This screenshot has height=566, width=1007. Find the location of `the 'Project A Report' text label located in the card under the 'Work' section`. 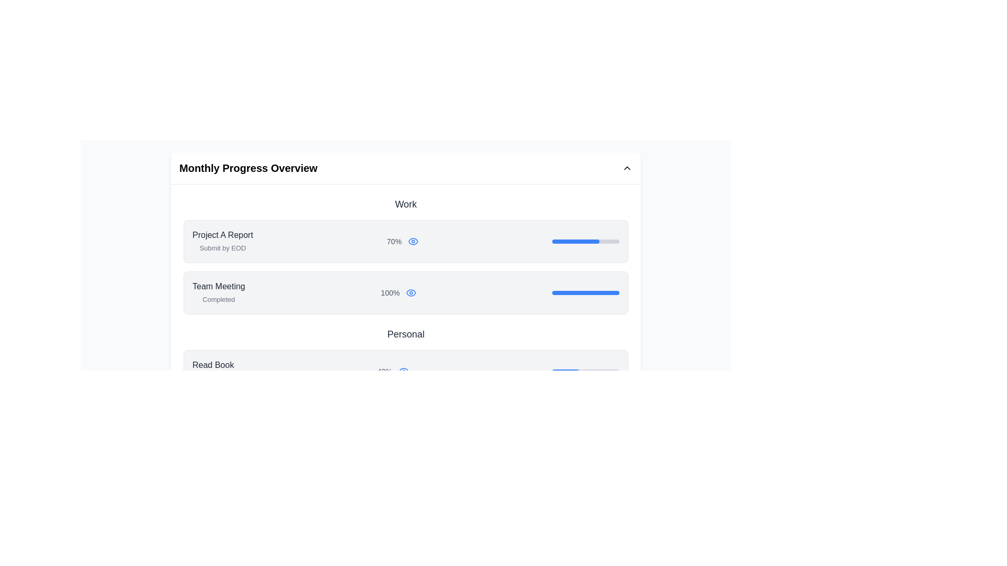

the 'Project A Report' text label located in the card under the 'Work' section is located at coordinates (222, 234).